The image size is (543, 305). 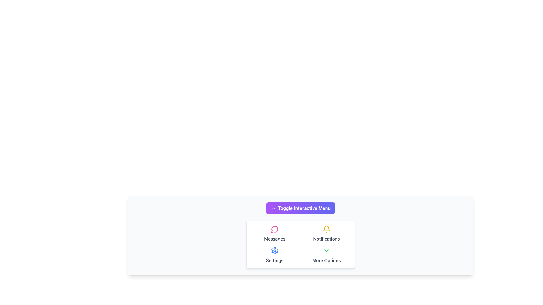 What do you see at coordinates (274, 229) in the screenshot?
I see `the messaging icon fragment within the speech bubble icon located in the bottom-center grid menu` at bounding box center [274, 229].